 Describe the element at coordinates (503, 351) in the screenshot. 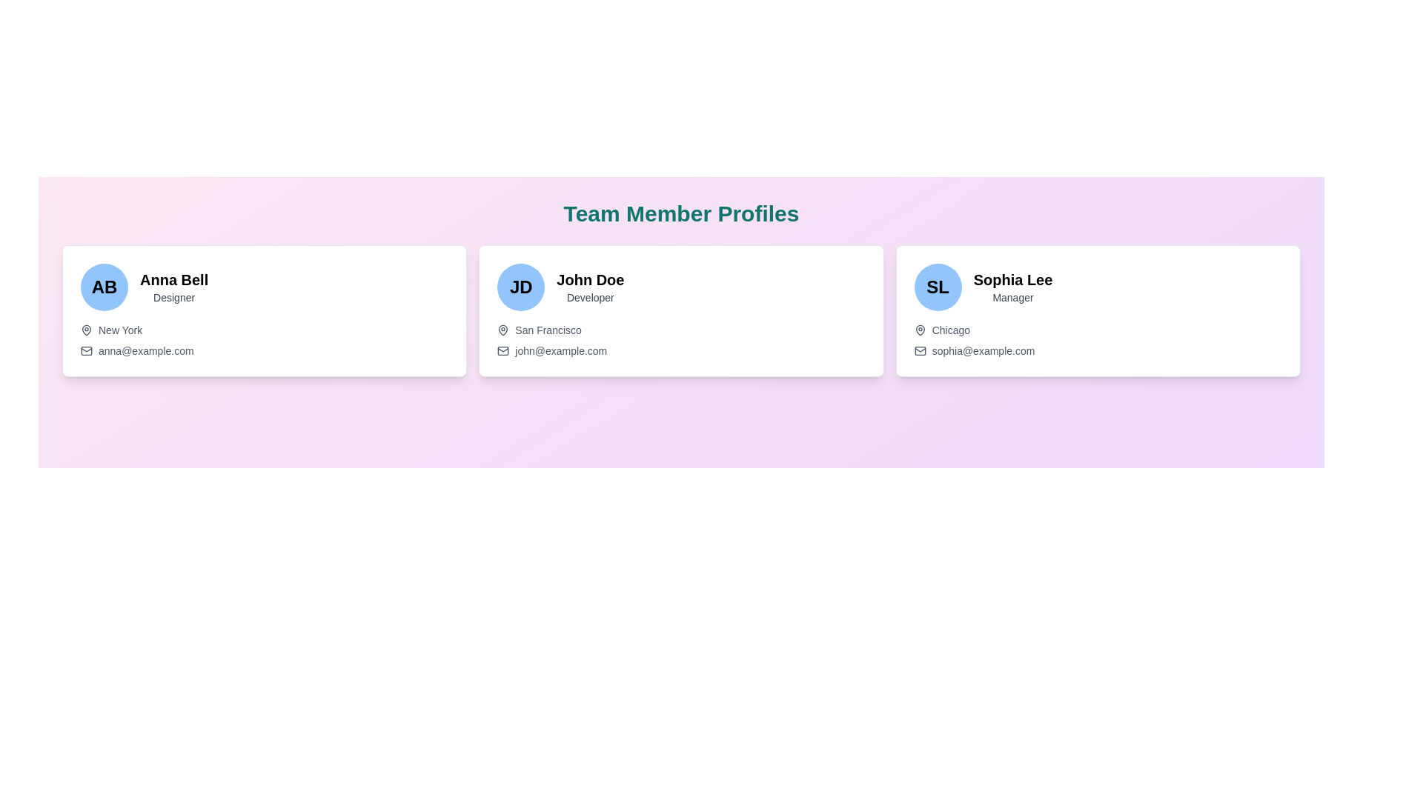

I see `the email icon located in the second card from the left in the 'Team Member Profiles' section, situated above the text 'john@example.com'` at that location.